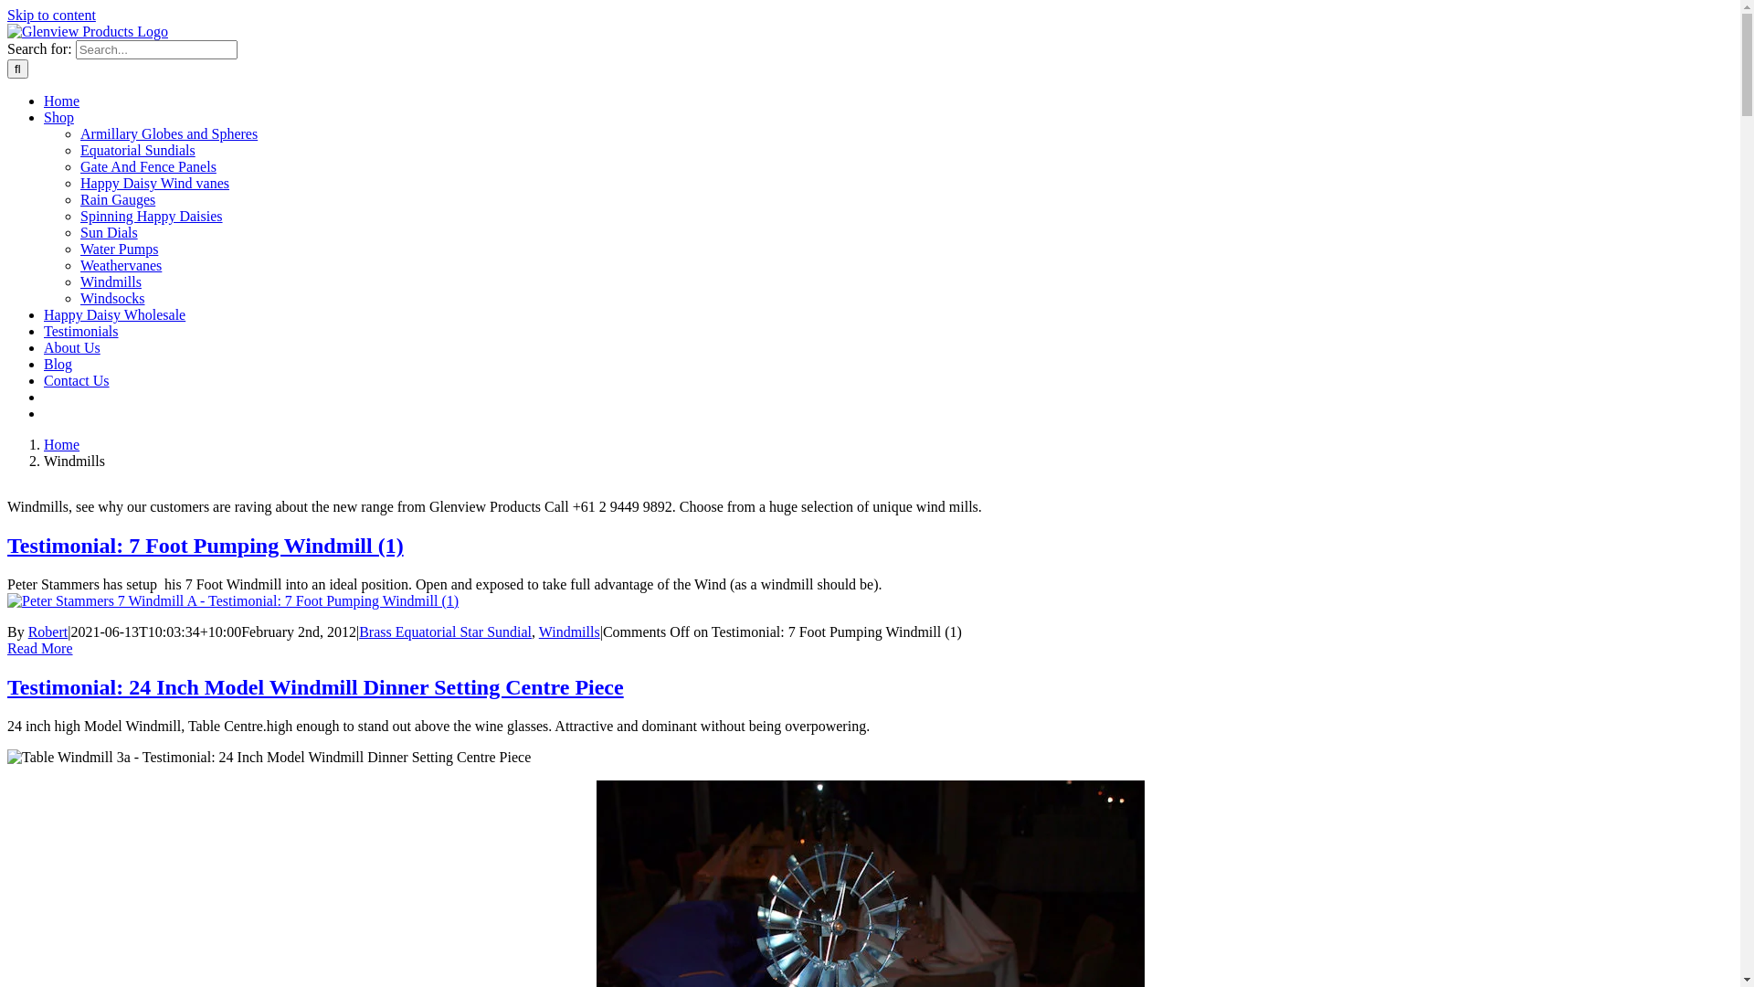  What do you see at coordinates (445, 631) in the screenshot?
I see `'Brass Equatorial Star Sundial'` at bounding box center [445, 631].